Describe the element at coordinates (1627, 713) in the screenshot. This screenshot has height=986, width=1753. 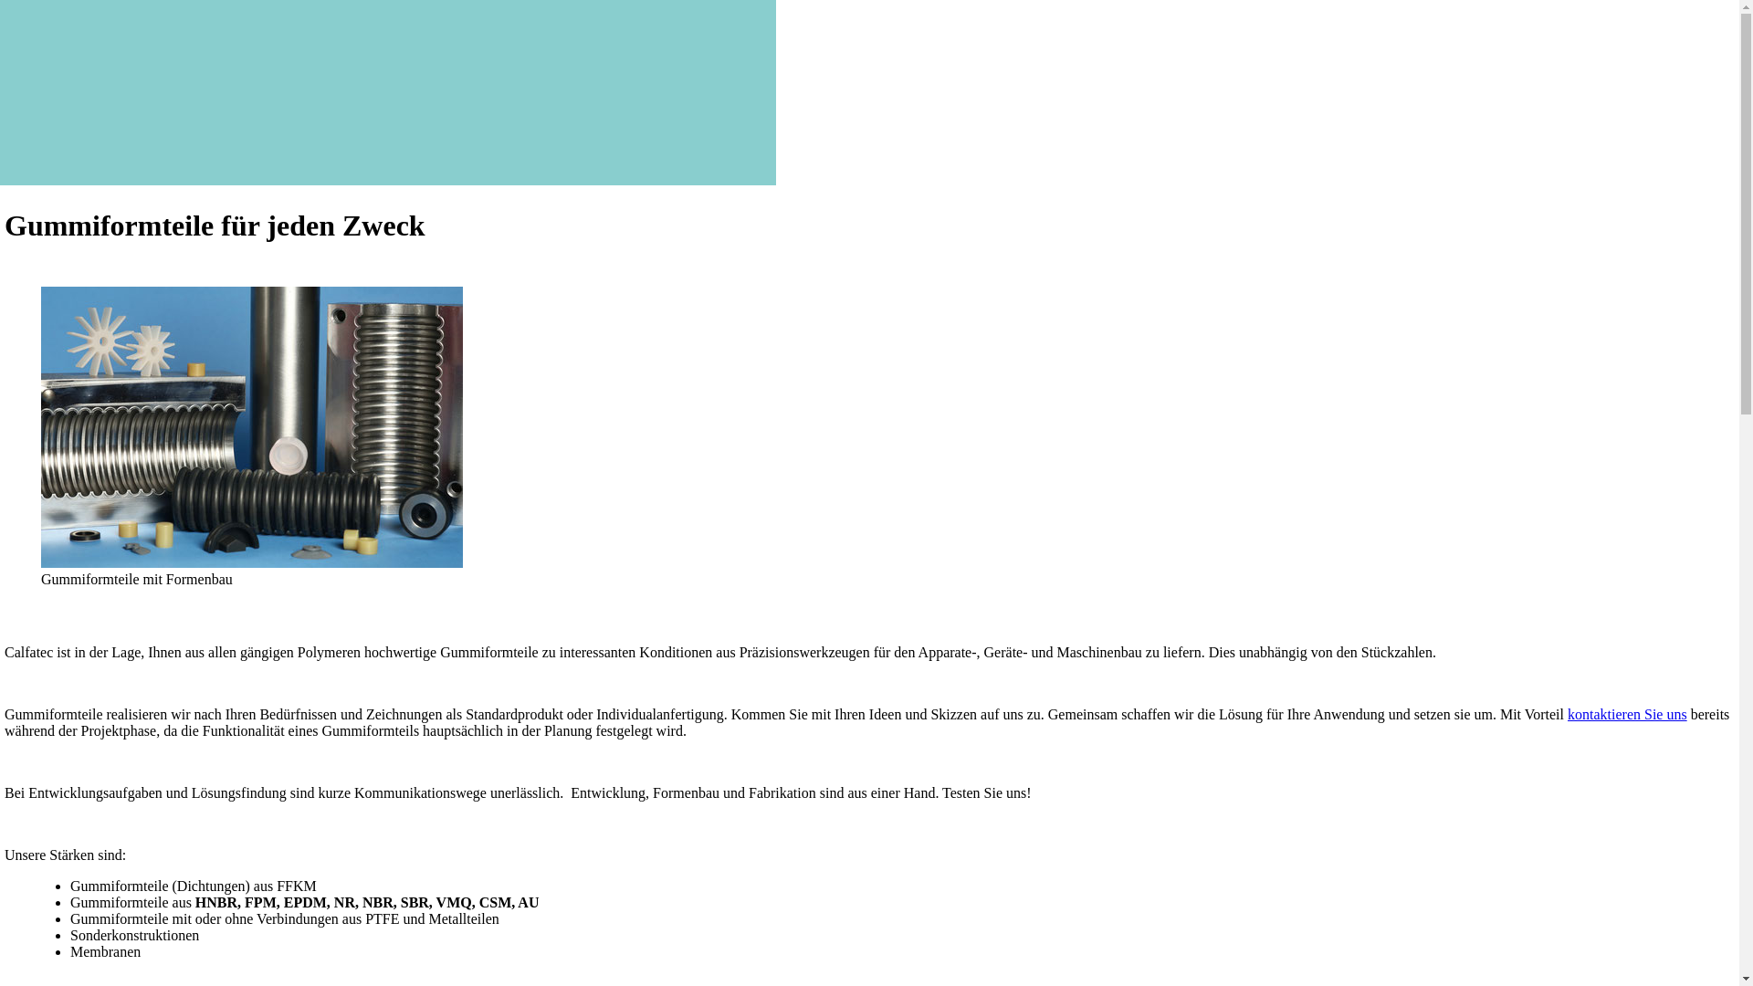
I see `'kontaktieren Sie uns'` at that location.